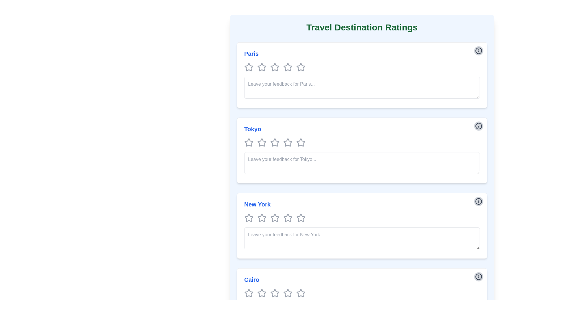 The width and height of the screenshot is (567, 319). What do you see at coordinates (479, 277) in the screenshot?
I see `the circular information icon with a gray border located in the top-right corner of the 'Cairo' section within the travel destination ratings card` at bounding box center [479, 277].